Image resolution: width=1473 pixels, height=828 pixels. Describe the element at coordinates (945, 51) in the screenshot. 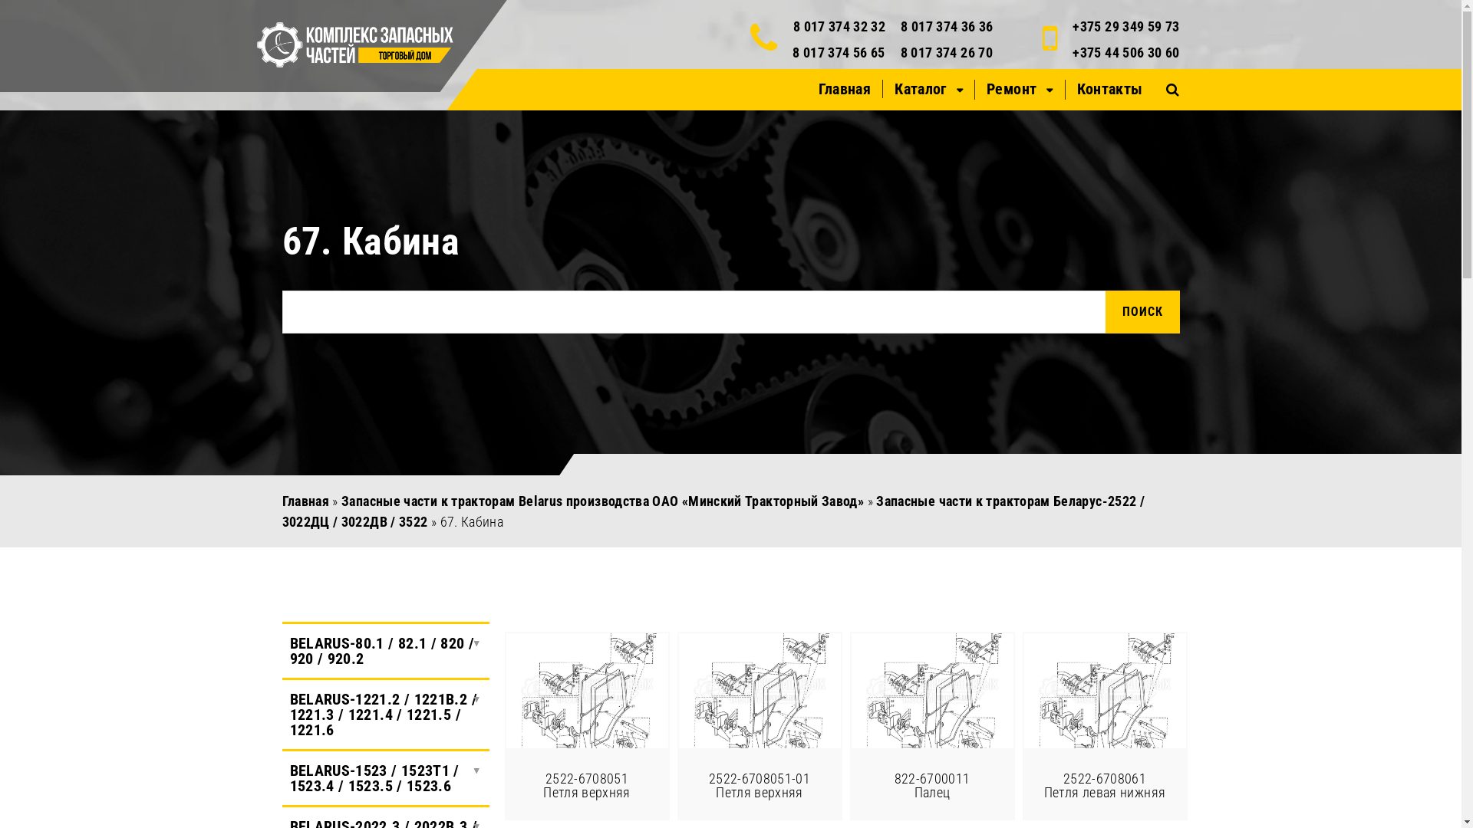

I see `'8 017 374 26 70'` at that location.